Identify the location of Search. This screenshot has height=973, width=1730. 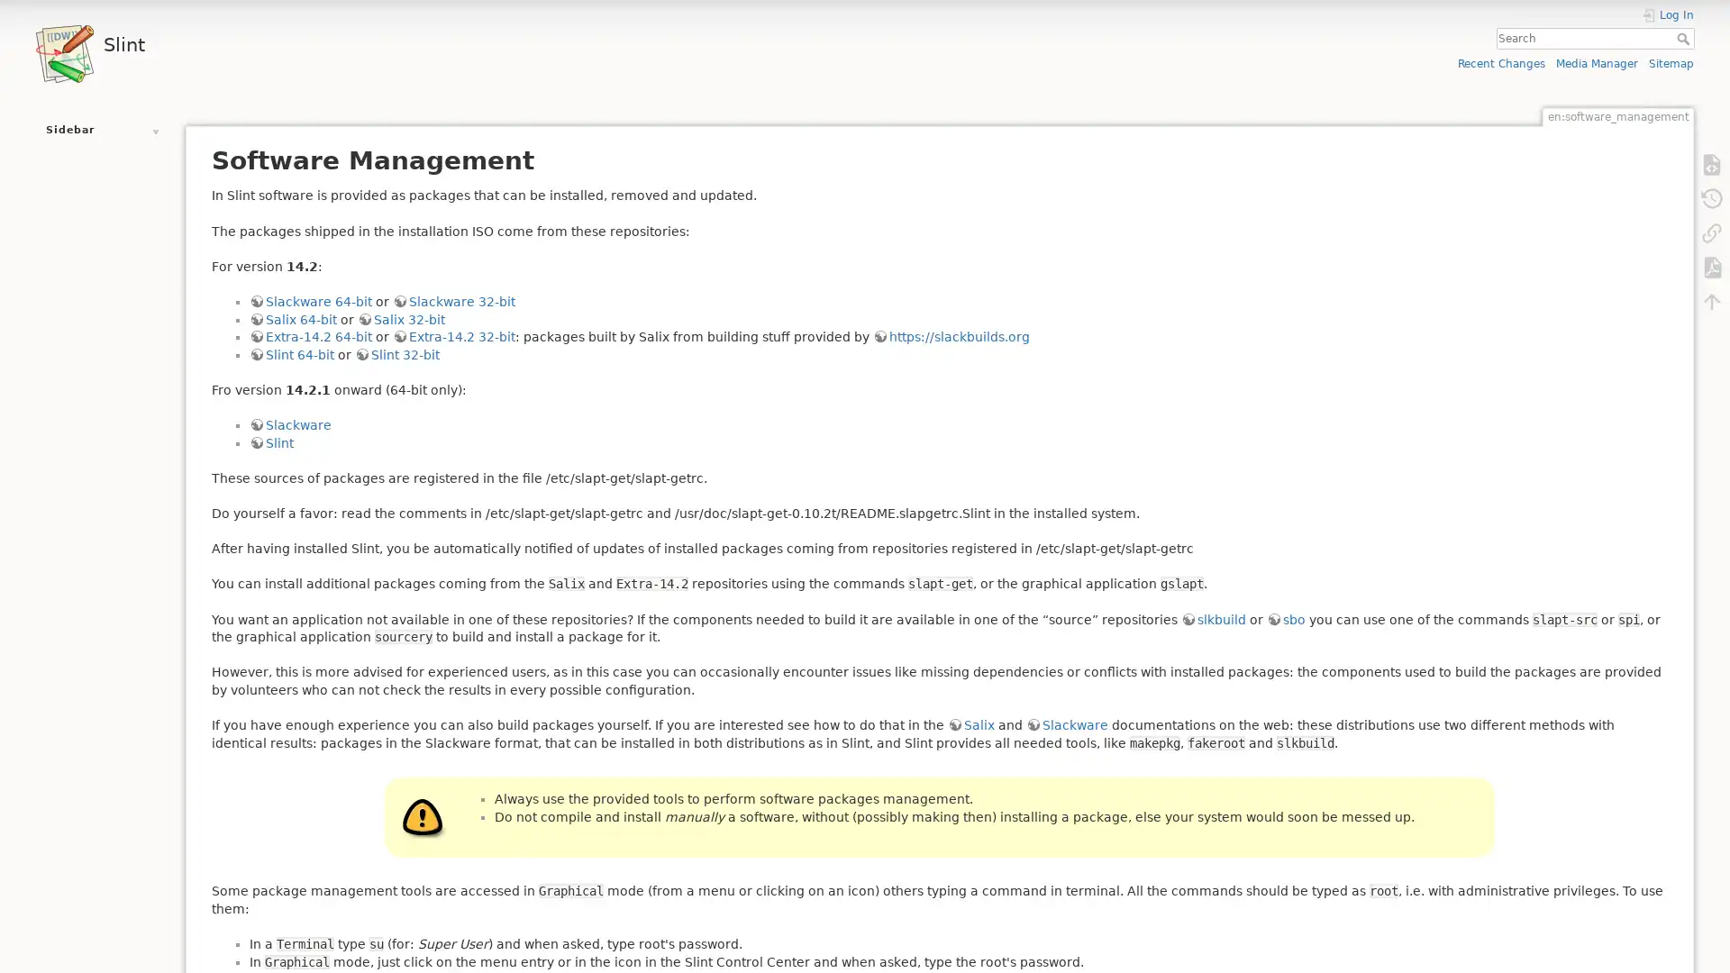
(1684, 38).